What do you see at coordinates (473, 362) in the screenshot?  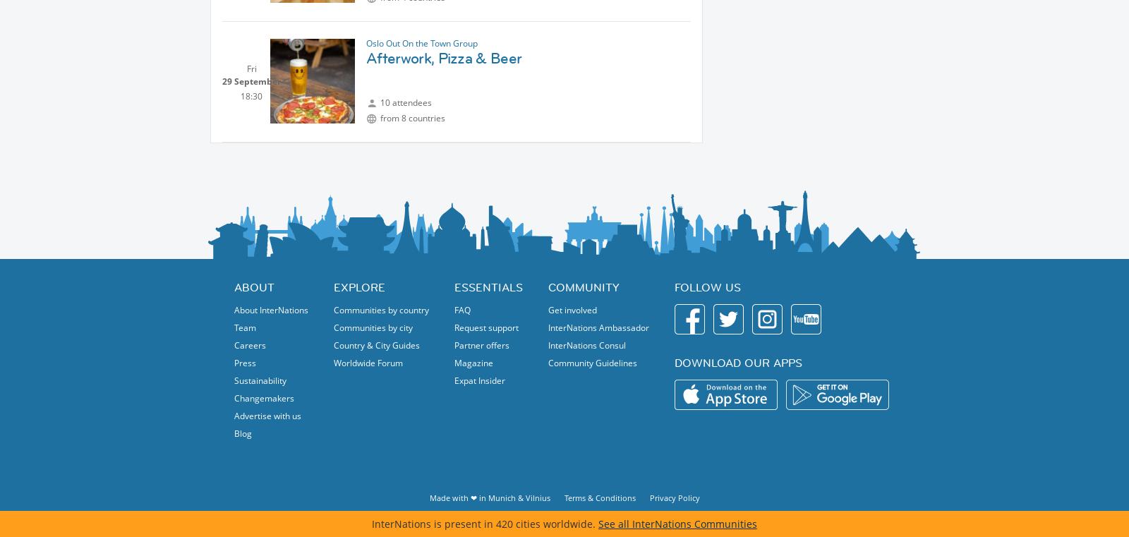 I see `'Magazine'` at bounding box center [473, 362].